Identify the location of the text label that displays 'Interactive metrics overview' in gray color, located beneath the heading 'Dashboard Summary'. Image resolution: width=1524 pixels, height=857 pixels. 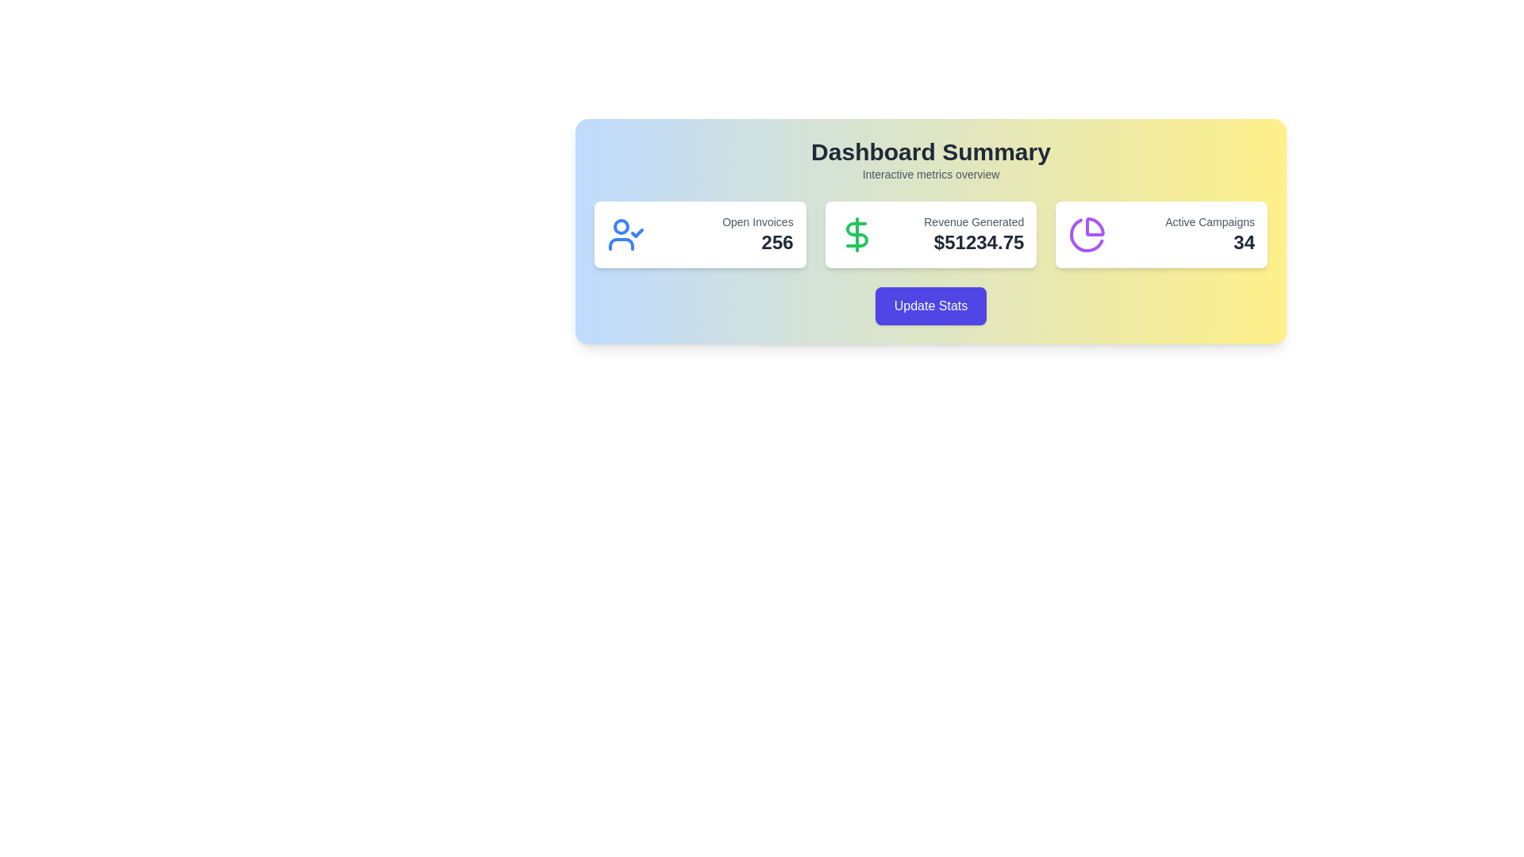
(930, 174).